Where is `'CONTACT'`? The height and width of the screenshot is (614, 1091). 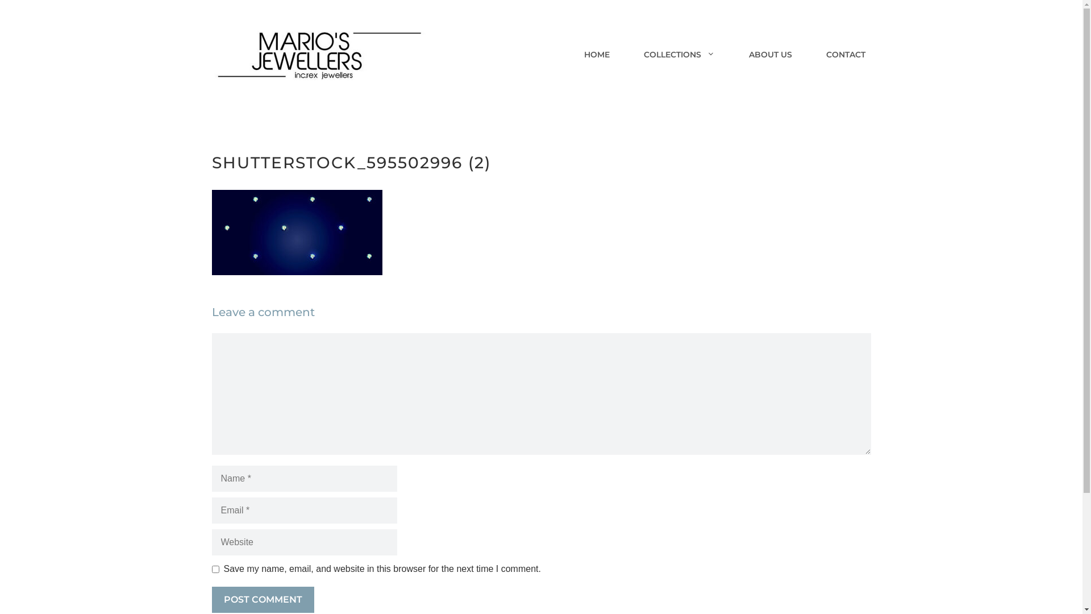
'CONTACT' is located at coordinates (809, 54).